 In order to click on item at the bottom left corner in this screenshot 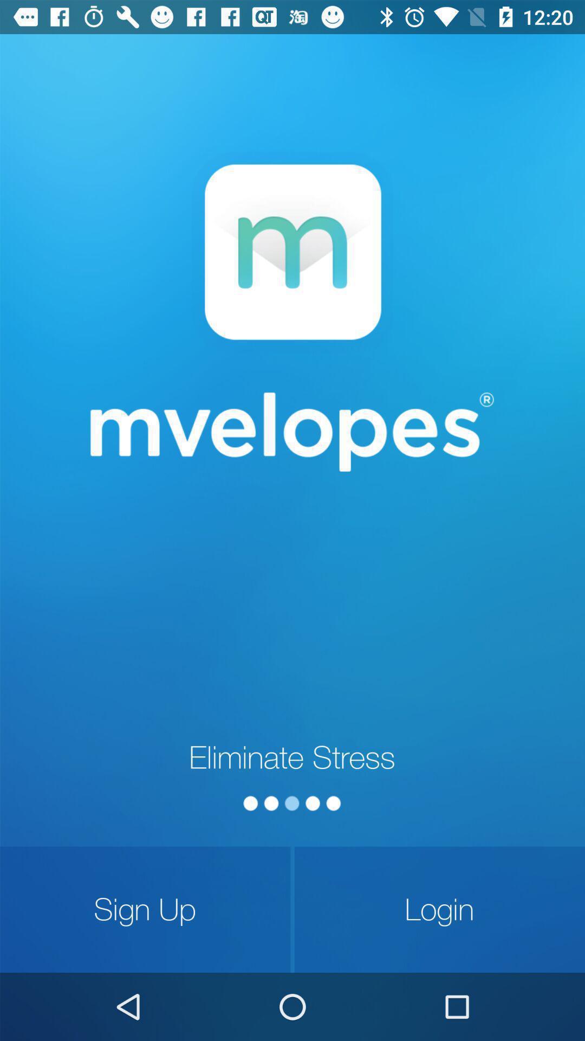, I will do `click(145, 909)`.